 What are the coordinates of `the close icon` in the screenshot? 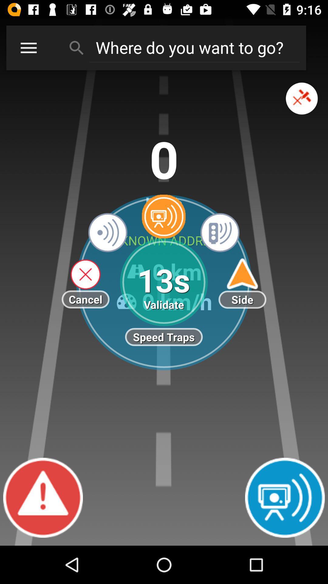 It's located at (302, 105).